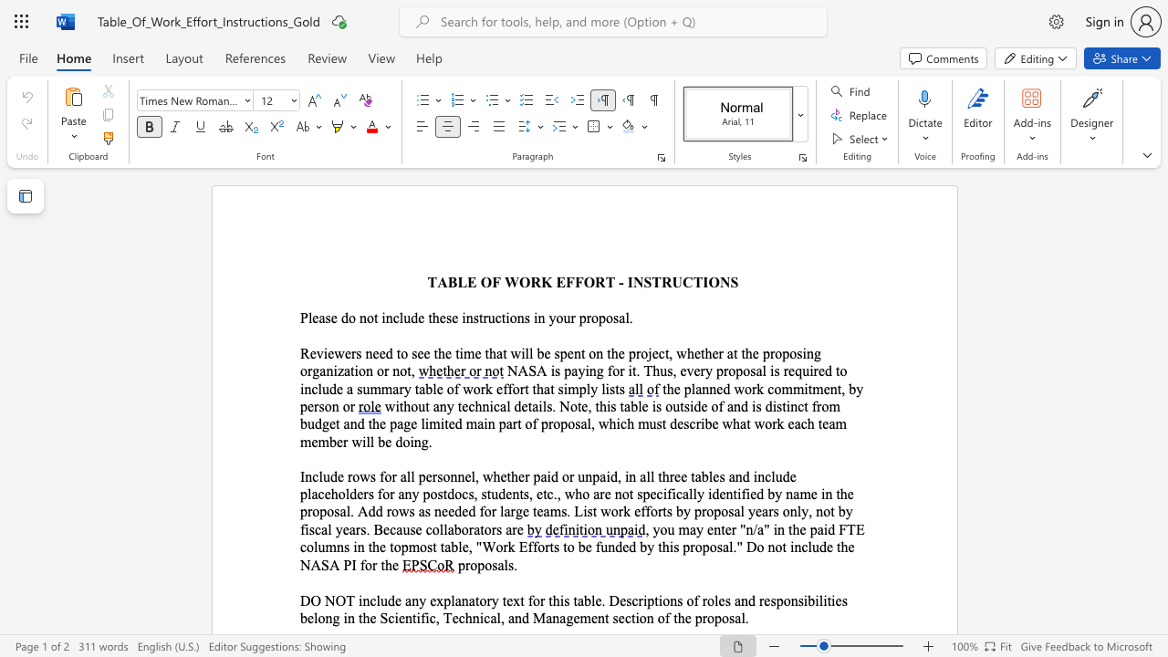 The width and height of the screenshot is (1168, 657). Describe the element at coordinates (346, 511) in the screenshot. I see `the subset text "l. Add rows as needed for large teams. List work efforts by proposal year" within the text "by name in the proposal. Add rows as needed for large teams. List work efforts by proposal years only, not by fiscal years. Because collaborators are"` at that location.